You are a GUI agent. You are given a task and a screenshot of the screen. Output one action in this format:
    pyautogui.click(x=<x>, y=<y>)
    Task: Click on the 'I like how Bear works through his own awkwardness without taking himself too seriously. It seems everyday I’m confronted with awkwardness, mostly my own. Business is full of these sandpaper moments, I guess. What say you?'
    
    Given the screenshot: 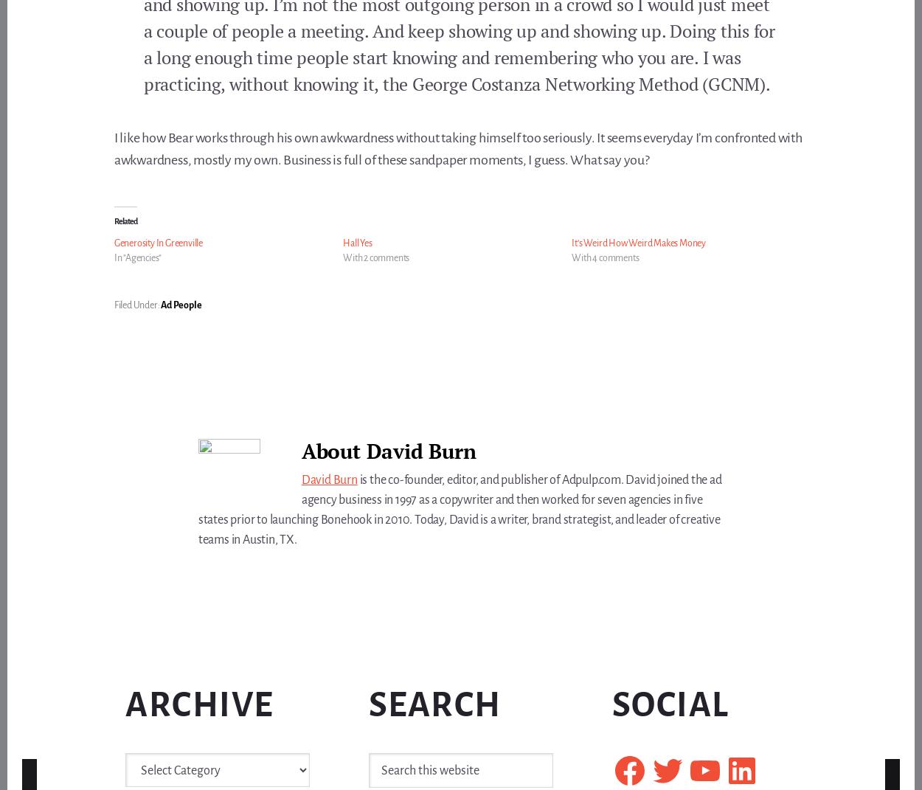 What is the action you would take?
    pyautogui.click(x=457, y=148)
    